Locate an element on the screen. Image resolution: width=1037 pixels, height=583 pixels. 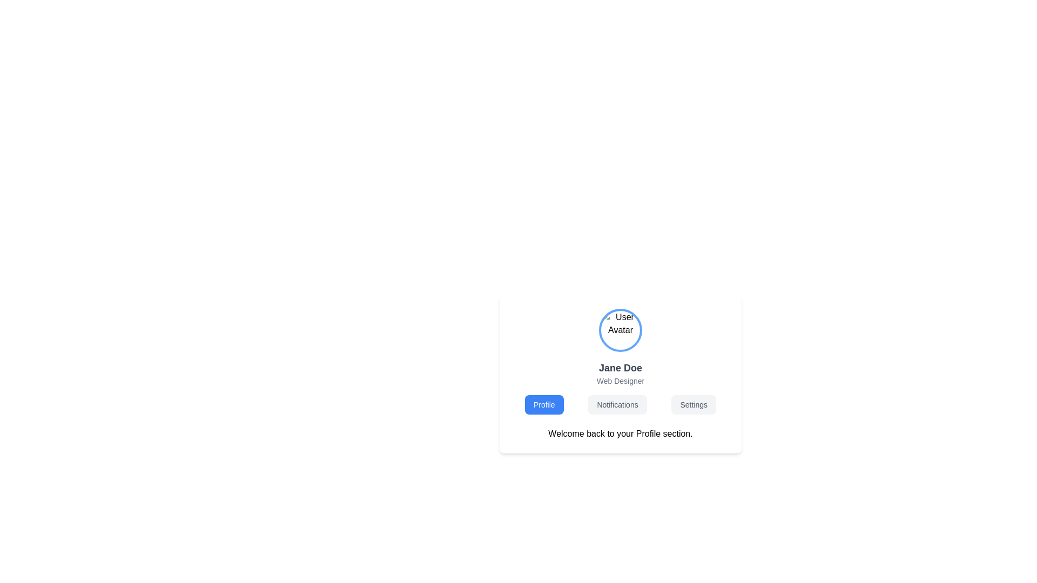
the static text label displaying 'Web Designer' located beneath the name 'Jane Doe' in the profile card is located at coordinates (620, 380).